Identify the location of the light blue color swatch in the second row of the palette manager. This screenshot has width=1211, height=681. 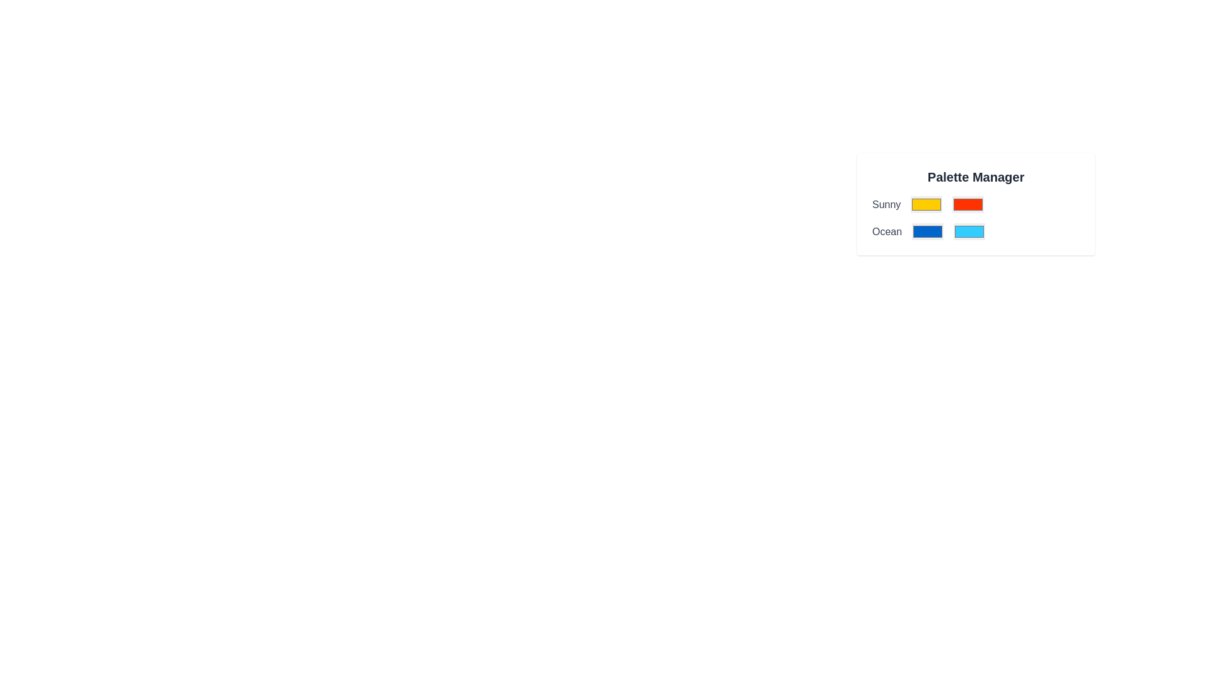
(975, 226).